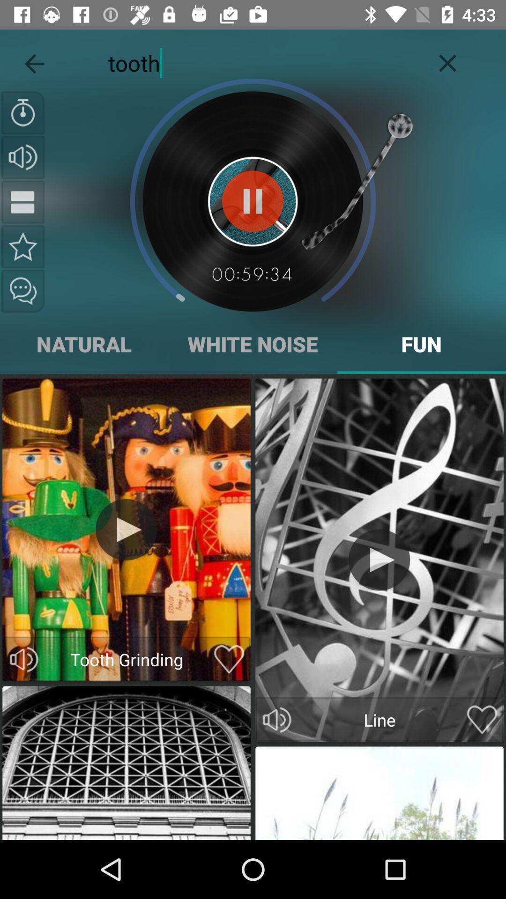  I want to click on its a stopwatch that measures time, so click(22, 112).